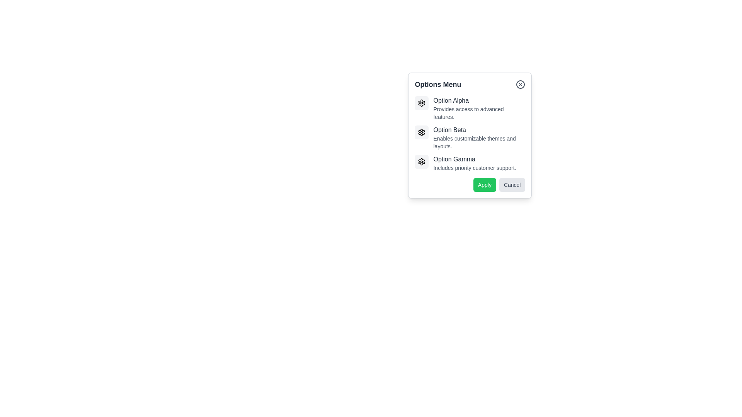 The image size is (742, 417). Describe the element at coordinates (421, 161) in the screenshot. I see `the graphical representation of the Settings icon located in the top-left corner of the 'Option Gamma' entry in the 'Options Menu'` at that location.